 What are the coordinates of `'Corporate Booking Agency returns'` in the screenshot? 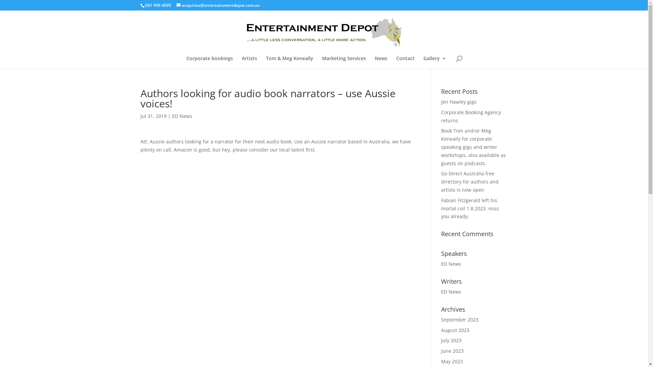 It's located at (471, 116).